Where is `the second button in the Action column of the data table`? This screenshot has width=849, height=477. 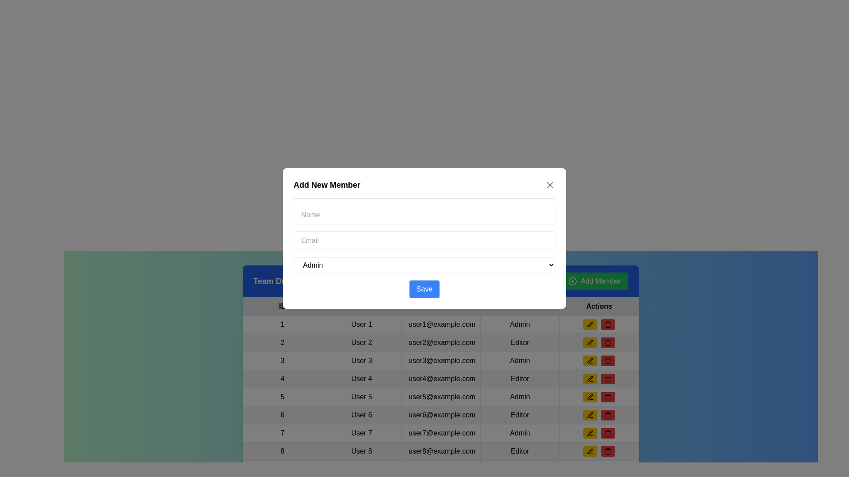 the second button in the Action column of the data table is located at coordinates (607, 378).